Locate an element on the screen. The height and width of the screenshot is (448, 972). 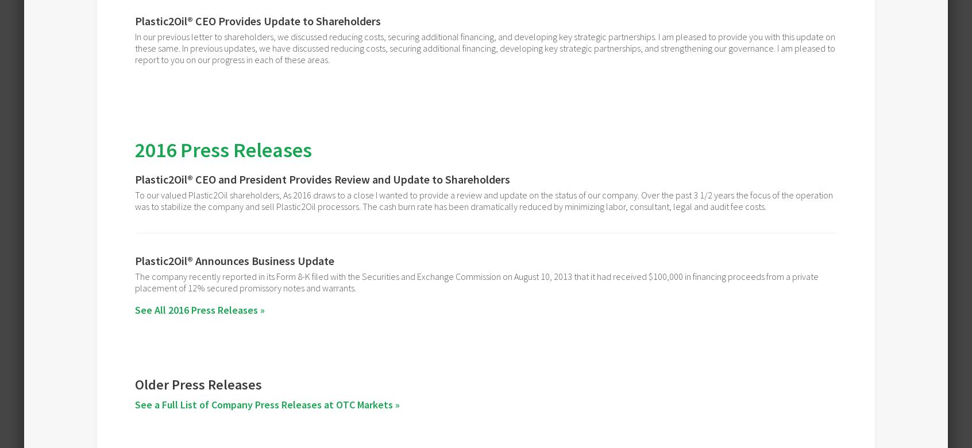
'Plastic2Oil® Announces Business Update' is located at coordinates (135, 260).